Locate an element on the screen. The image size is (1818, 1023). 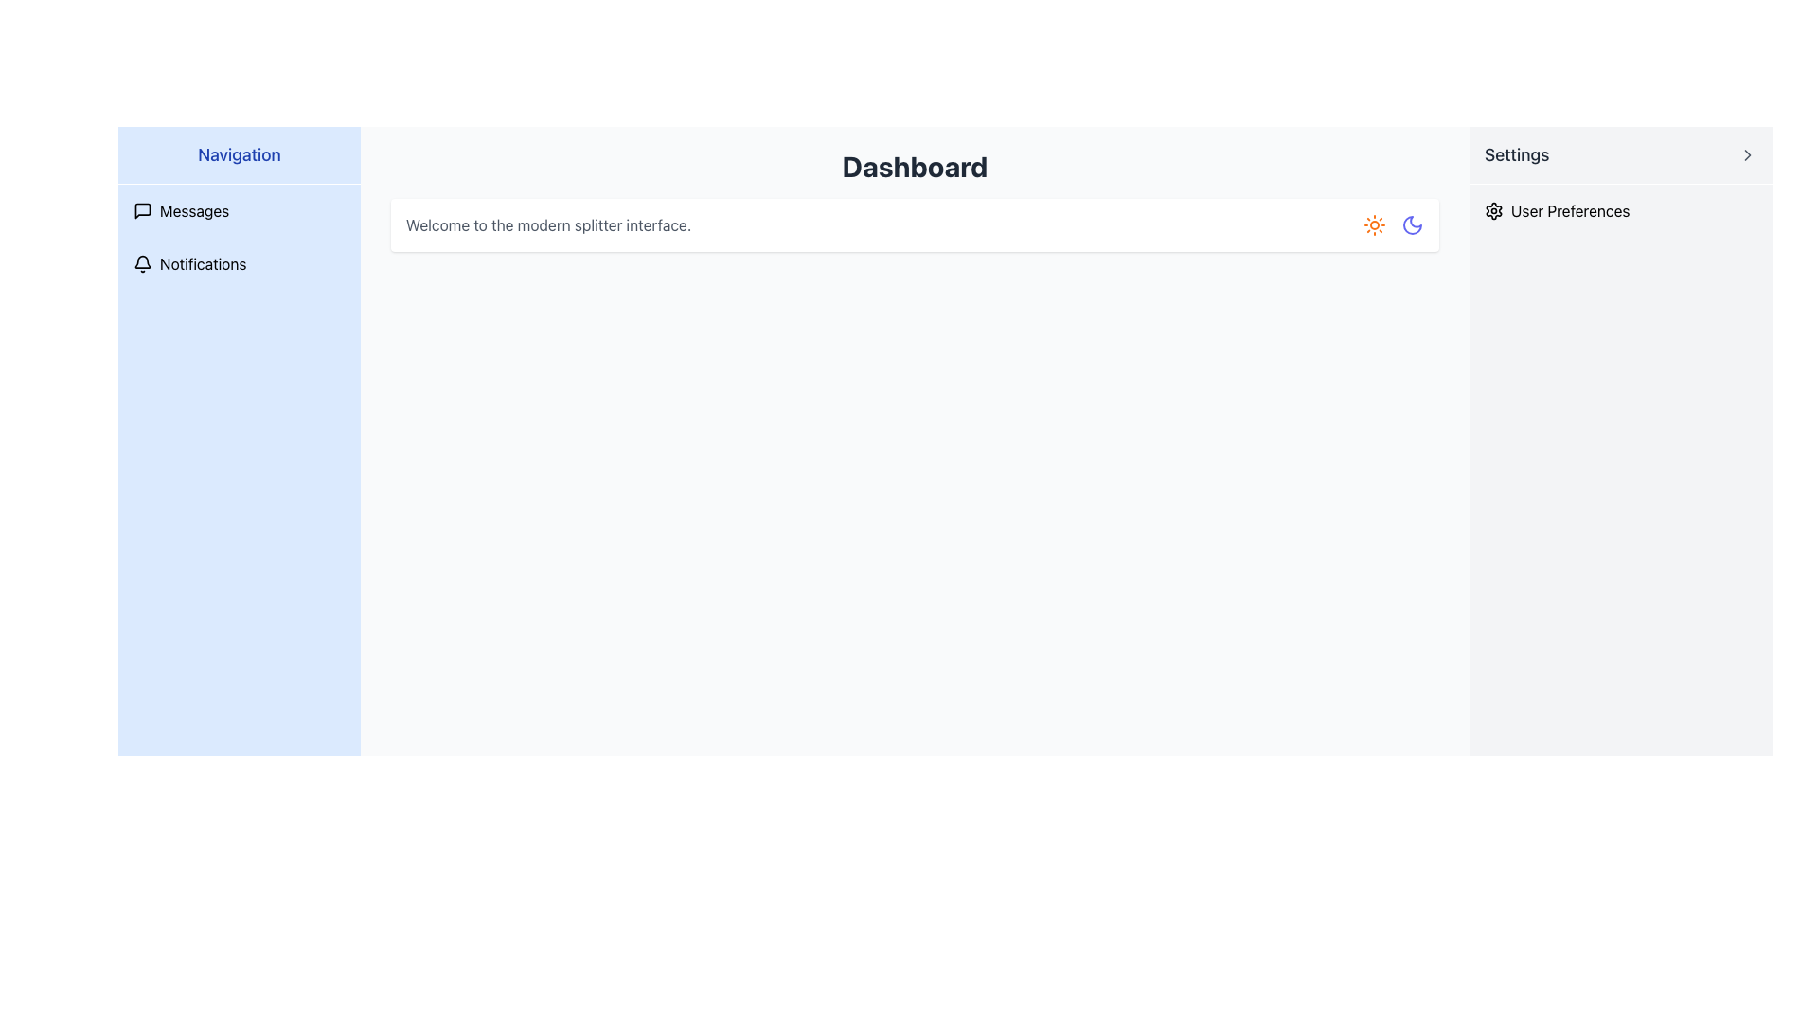
text label that serves as a heading for the navigation section, located in the top left of the interface within a prominent light blue sidebar is located at coordinates (239, 154).